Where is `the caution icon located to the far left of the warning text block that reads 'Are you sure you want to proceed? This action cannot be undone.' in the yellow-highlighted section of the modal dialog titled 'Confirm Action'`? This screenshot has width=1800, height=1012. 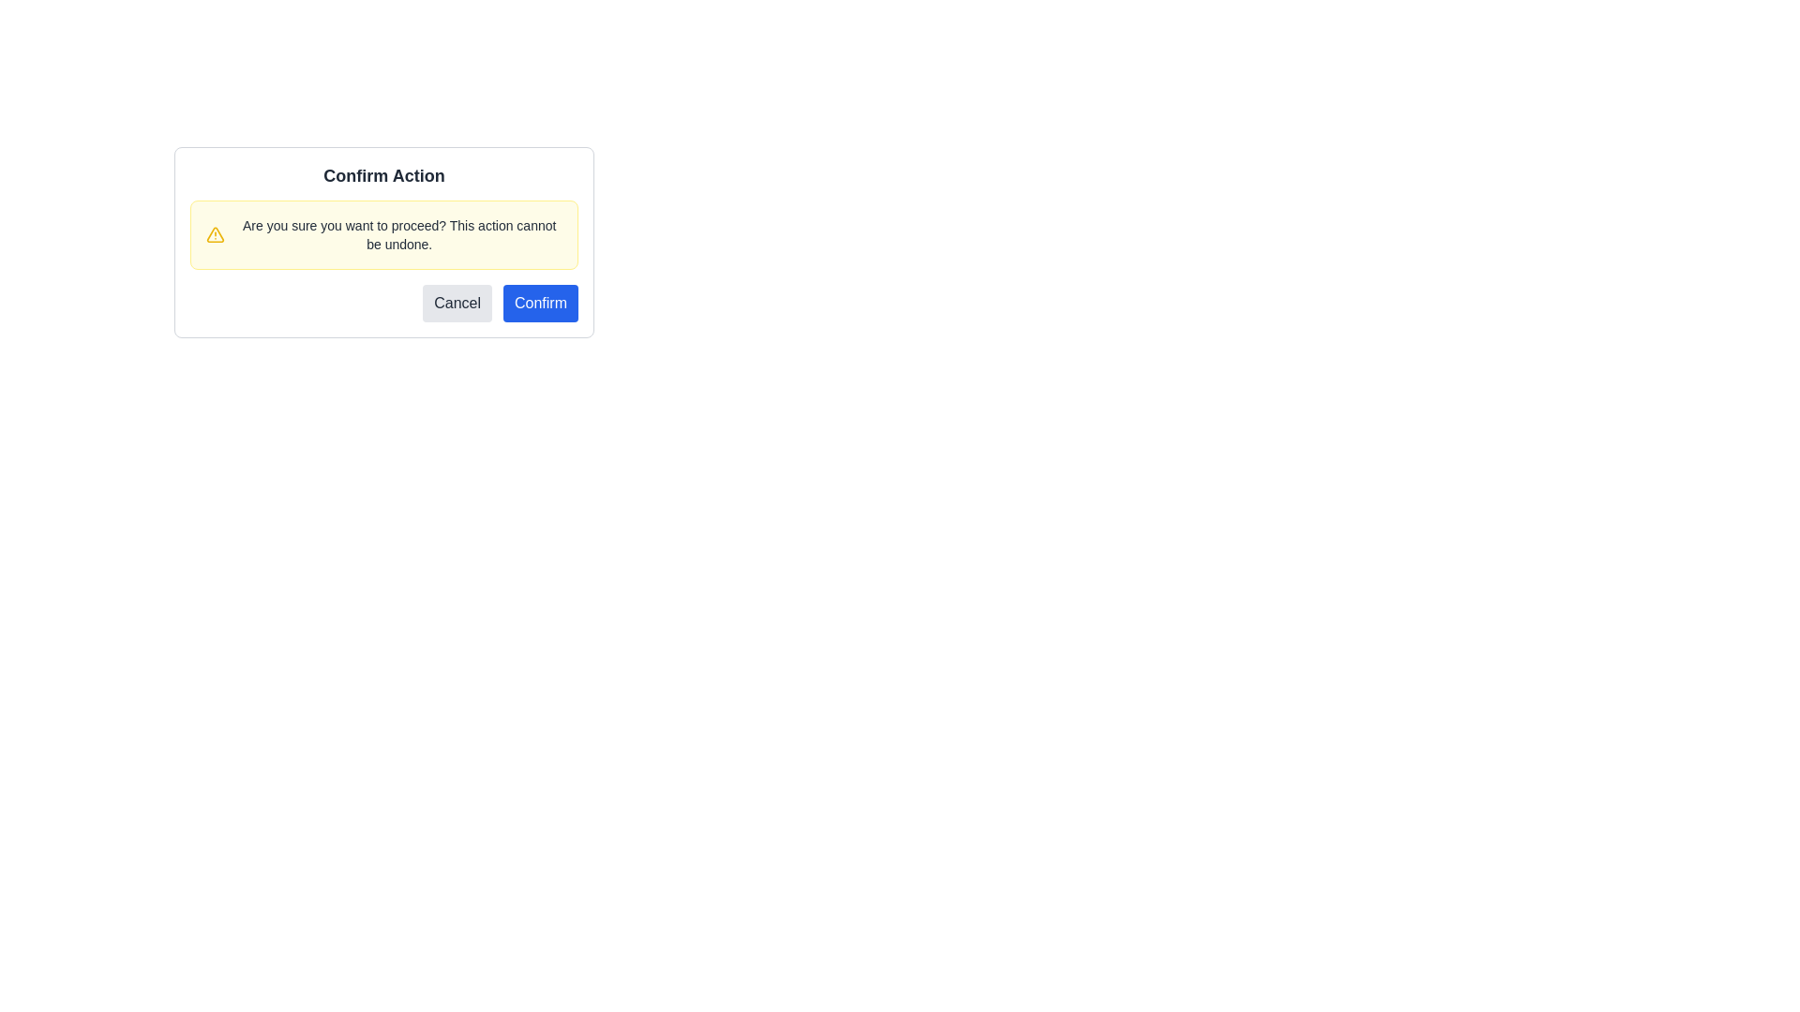 the caution icon located to the far left of the warning text block that reads 'Are you sure you want to proceed? This action cannot be undone.' in the yellow-highlighted section of the modal dialog titled 'Confirm Action' is located at coordinates (216, 233).